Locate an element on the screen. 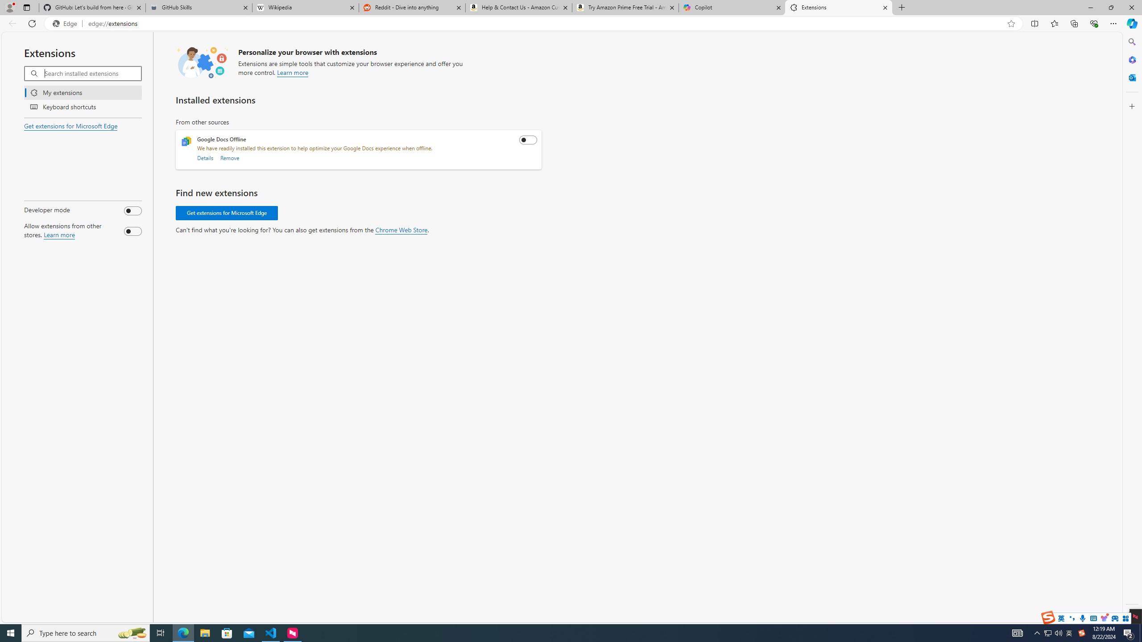 Image resolution: width=1142 pixels, height=642 pixels. 'Search installed extensions' is located at coordinates (92, 73).